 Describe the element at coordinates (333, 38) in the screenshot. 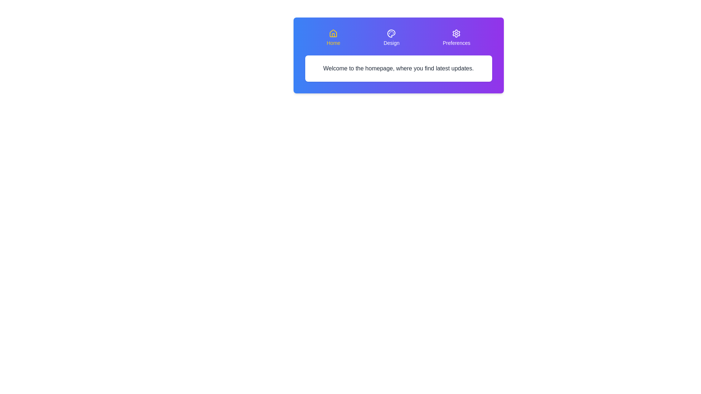

I see `the Home tab by clicking on it` at that location.